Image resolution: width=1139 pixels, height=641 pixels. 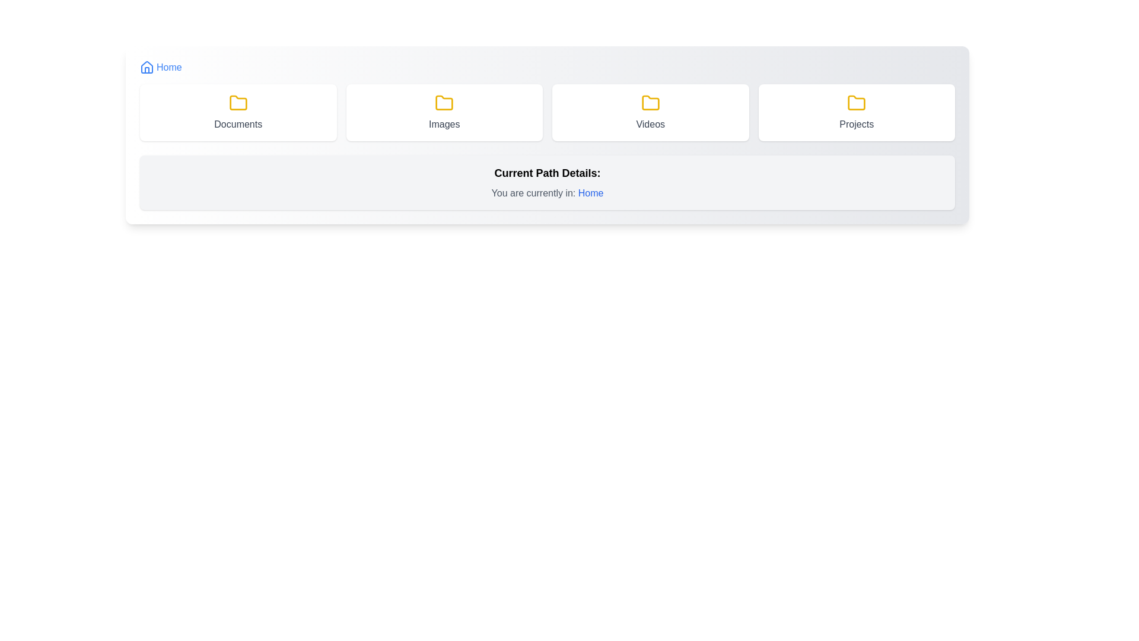 I want to click on the 'Images' button, which is the second element in a grid layout, so click(x=444, y=112).